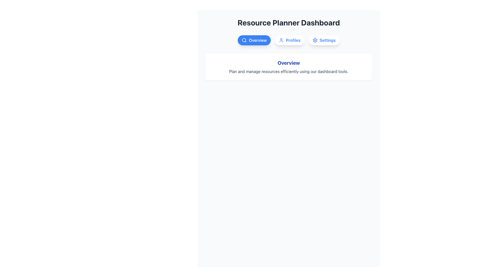  What do you see at coordinates (289, 67) in the screenshot?
I see `displayed text in the Textual Information Block titled 'Overview', which features a bold blue title and a descriptive gray text below it` at bounding box center [289, 67].